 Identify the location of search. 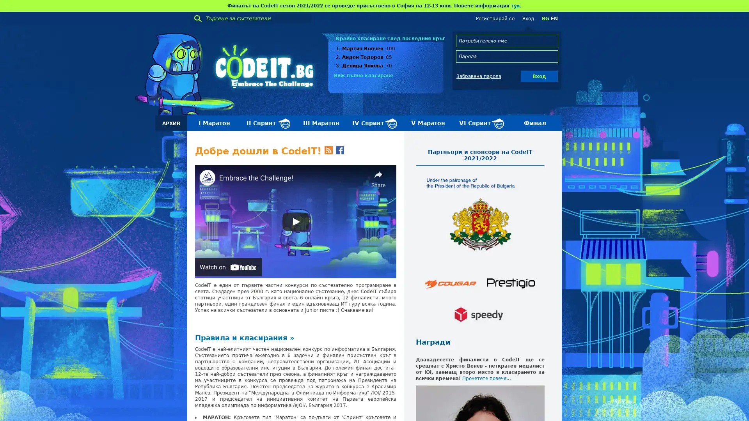
(198, 18).